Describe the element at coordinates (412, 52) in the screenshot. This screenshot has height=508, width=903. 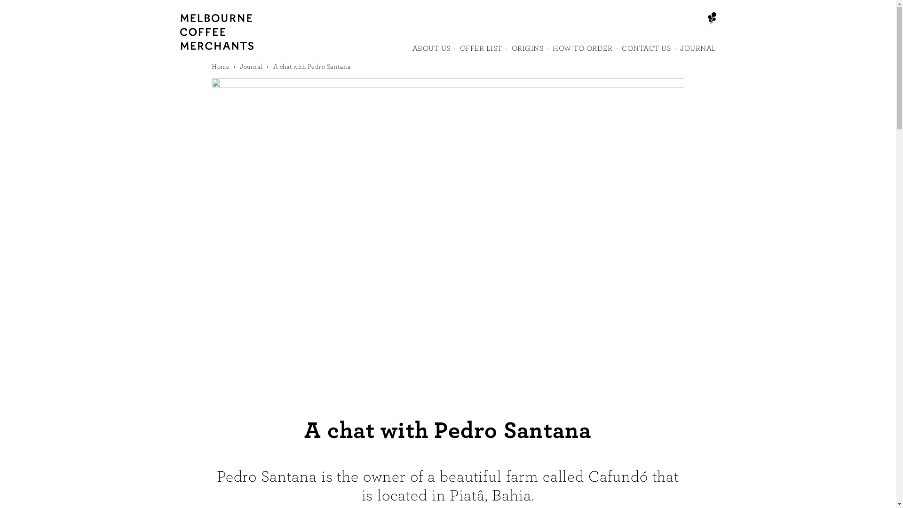
I see `'ABOUT US'` at that location.